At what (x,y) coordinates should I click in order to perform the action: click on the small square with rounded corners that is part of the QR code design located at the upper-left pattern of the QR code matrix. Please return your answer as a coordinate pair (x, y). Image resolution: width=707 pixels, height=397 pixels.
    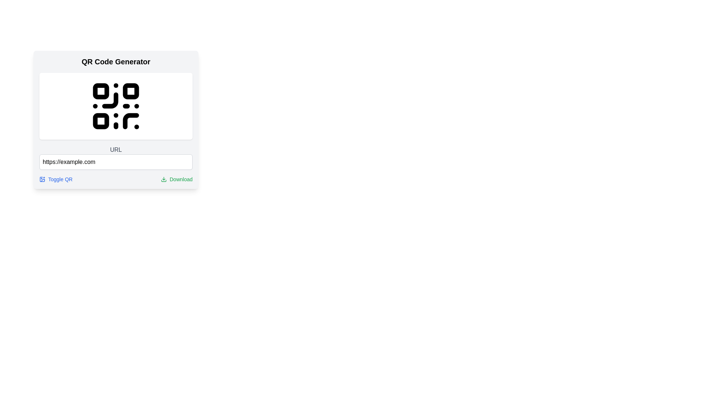
    Looking at the image, I should click on (101, 91).